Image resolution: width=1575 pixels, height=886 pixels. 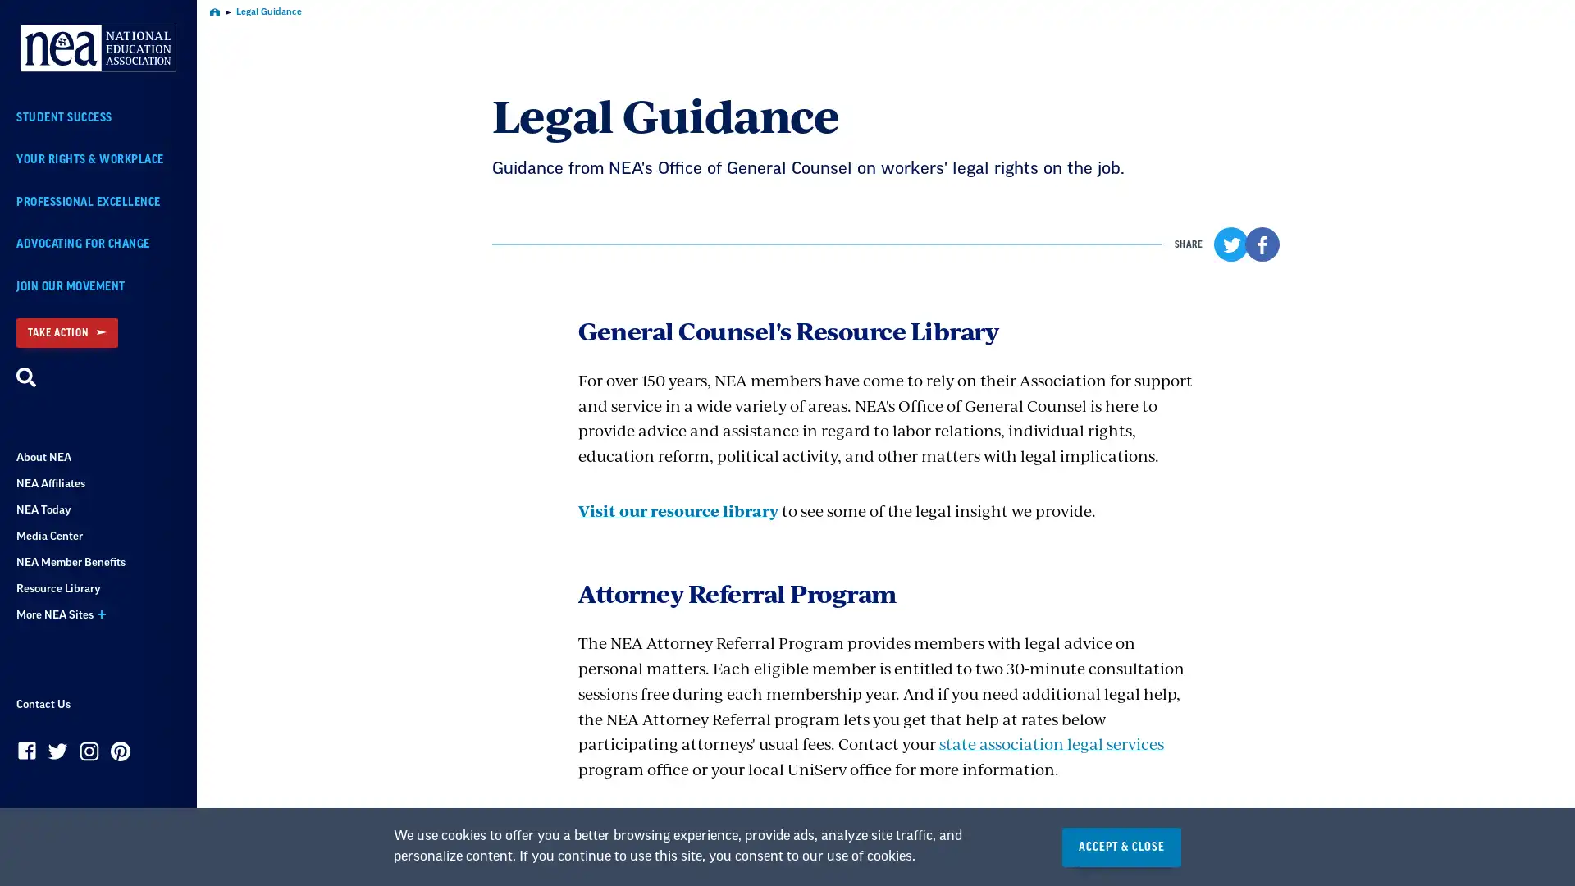 I want to click on More NEA Sites, so click(x=98, y=614).